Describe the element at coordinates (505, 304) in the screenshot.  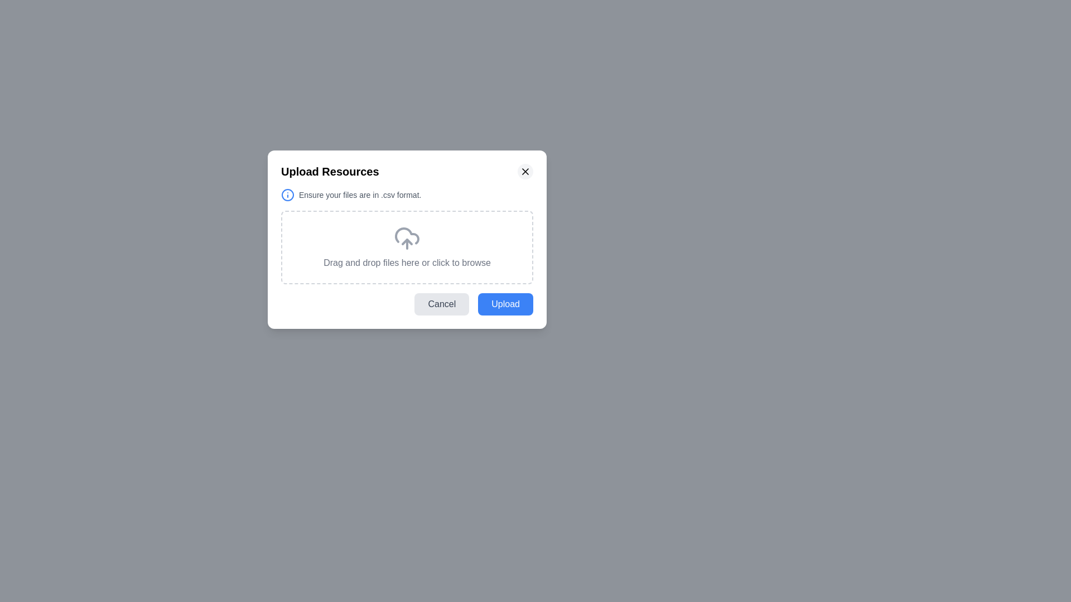
I see `the blue 'Upload' button with white text located in the bottom-right corner of the 'Upload Resources' dialog box` at that location.